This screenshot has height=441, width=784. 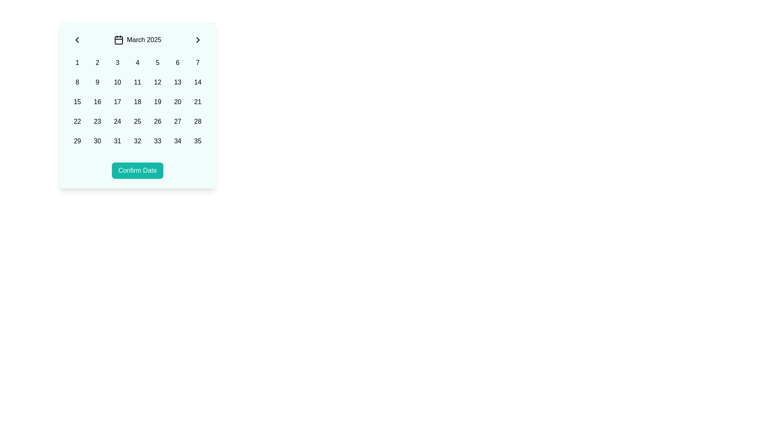 I want to click on the button that allows users to select the 29th day from the calendar view, located in the third row and first column of the date picker grid, so click(x=77, y=141).